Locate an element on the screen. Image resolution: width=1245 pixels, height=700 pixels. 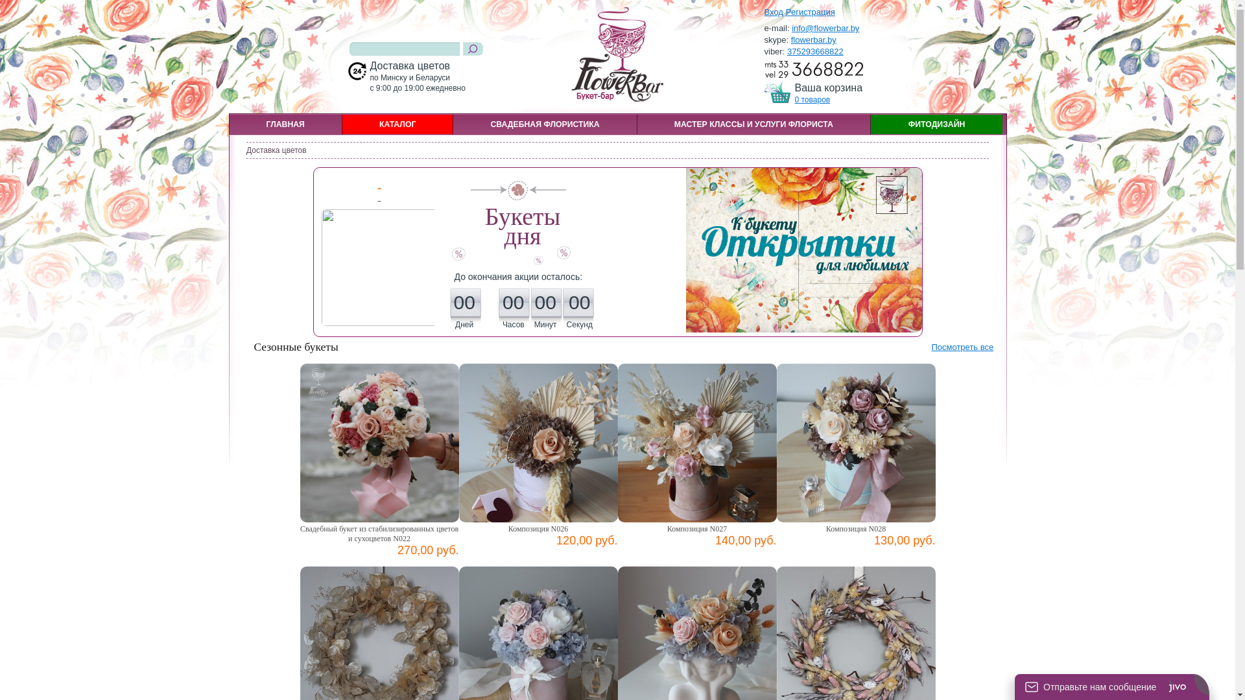
'info@flowerbar.by' is located at coordinates (824, 28).